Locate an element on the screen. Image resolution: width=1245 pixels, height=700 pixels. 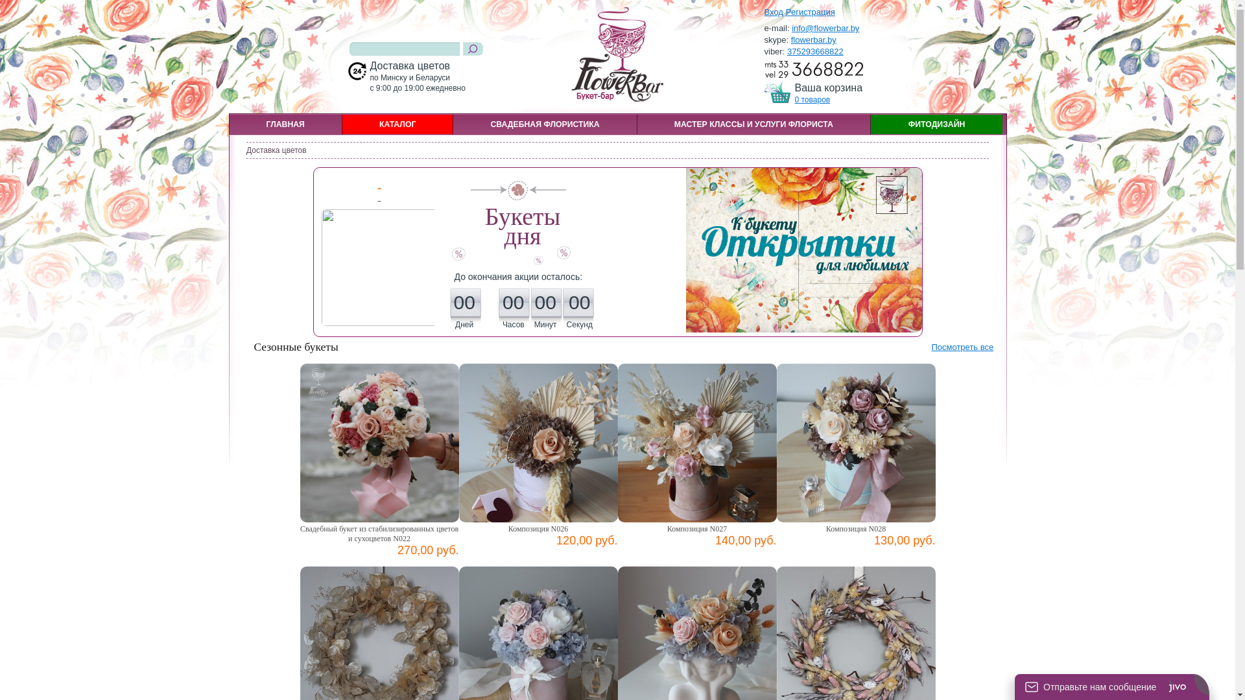
'info@flowerbar.by' is located at coordinates (824, 28).